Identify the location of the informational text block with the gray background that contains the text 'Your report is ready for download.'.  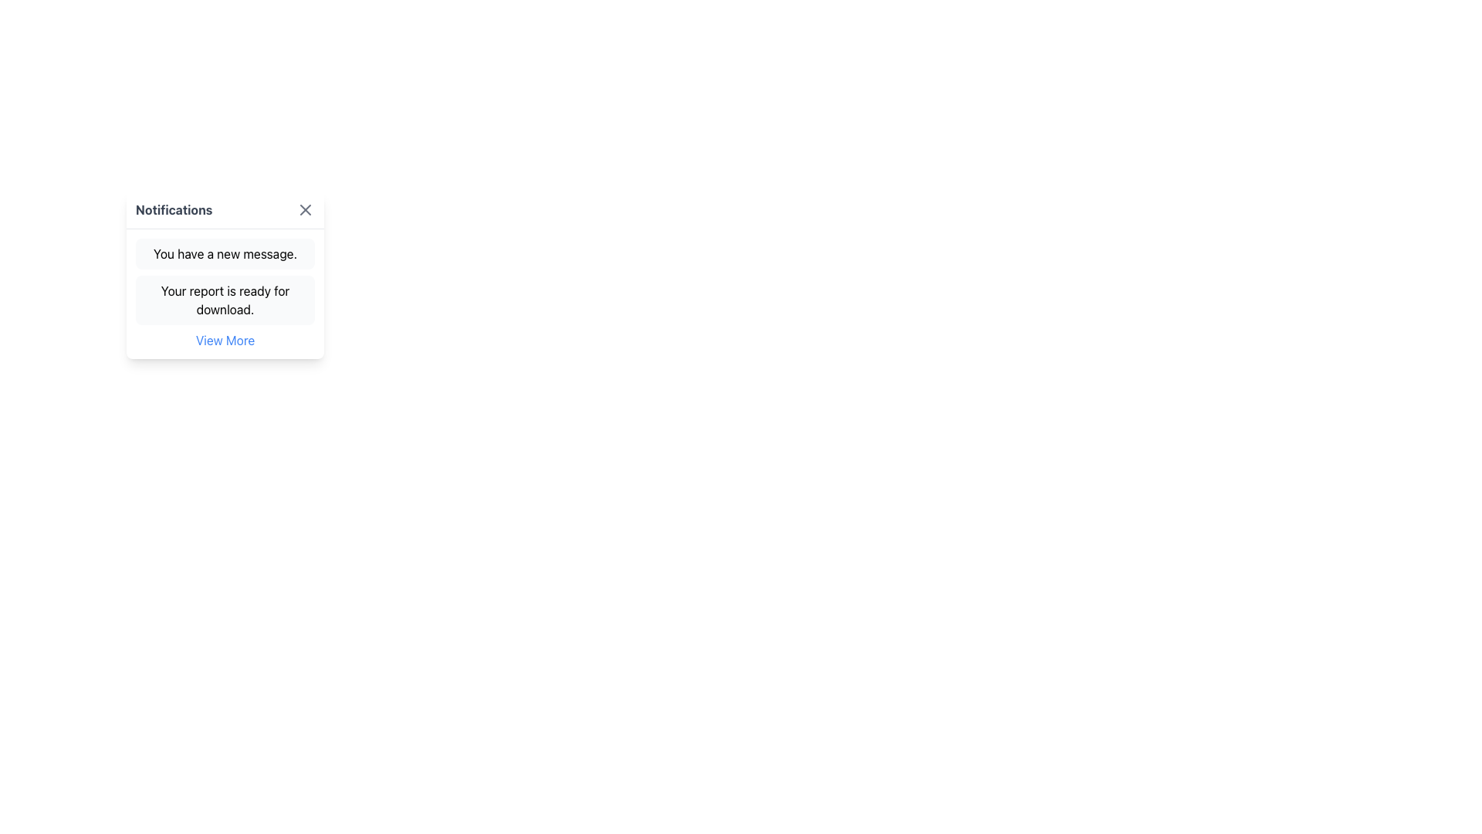
(225, 300).